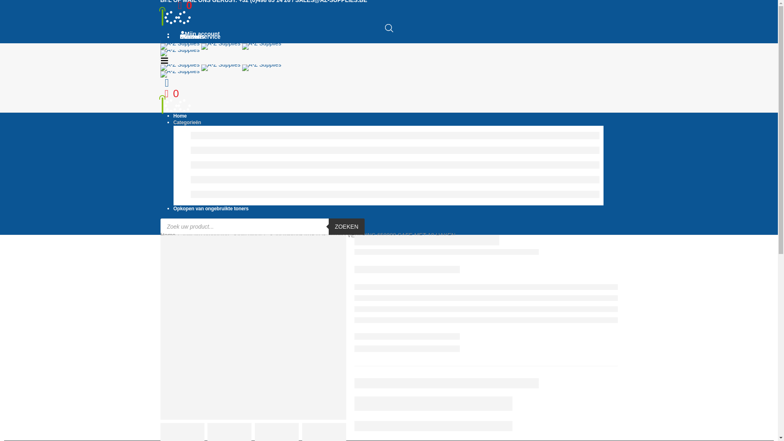  Describe the element at coordinates (285, 235) in the screenshot. I see `'Kapstokken'` at that location.